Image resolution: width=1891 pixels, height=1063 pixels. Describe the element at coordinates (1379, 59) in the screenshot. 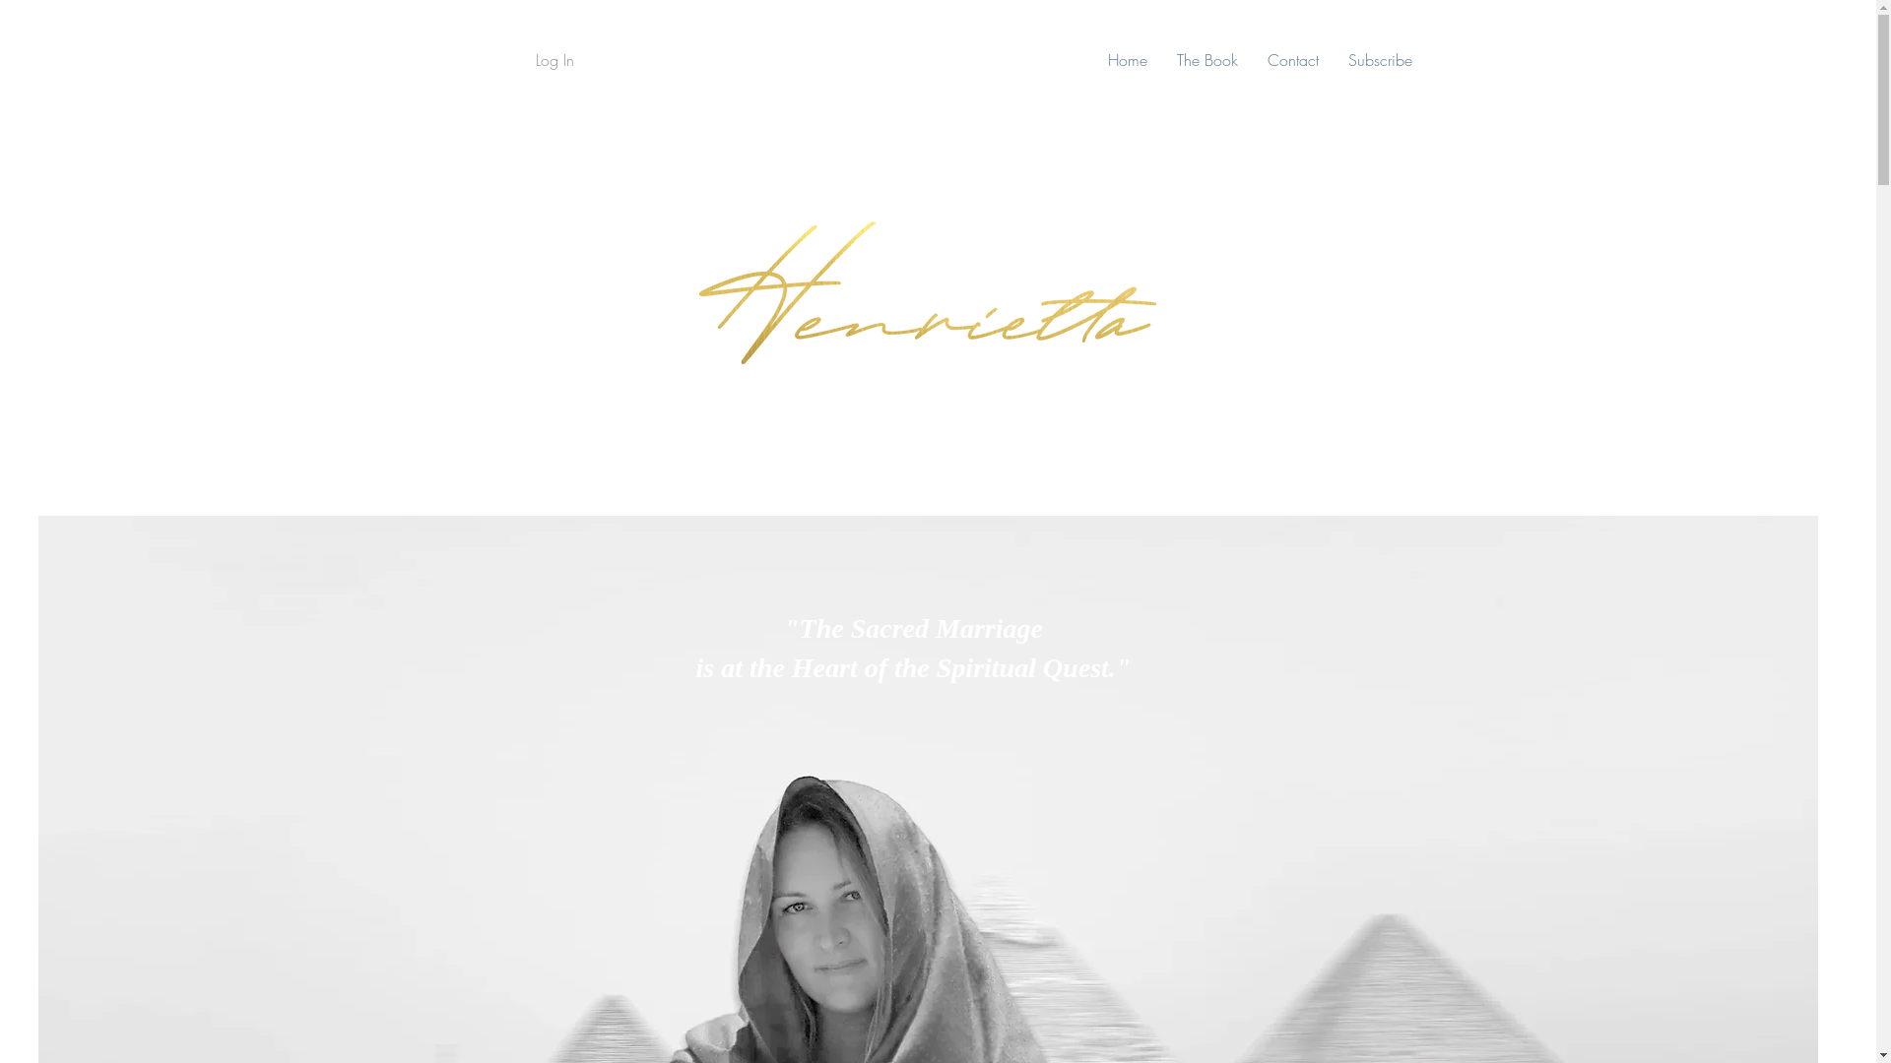

I see `'Subscribe'` at that location.